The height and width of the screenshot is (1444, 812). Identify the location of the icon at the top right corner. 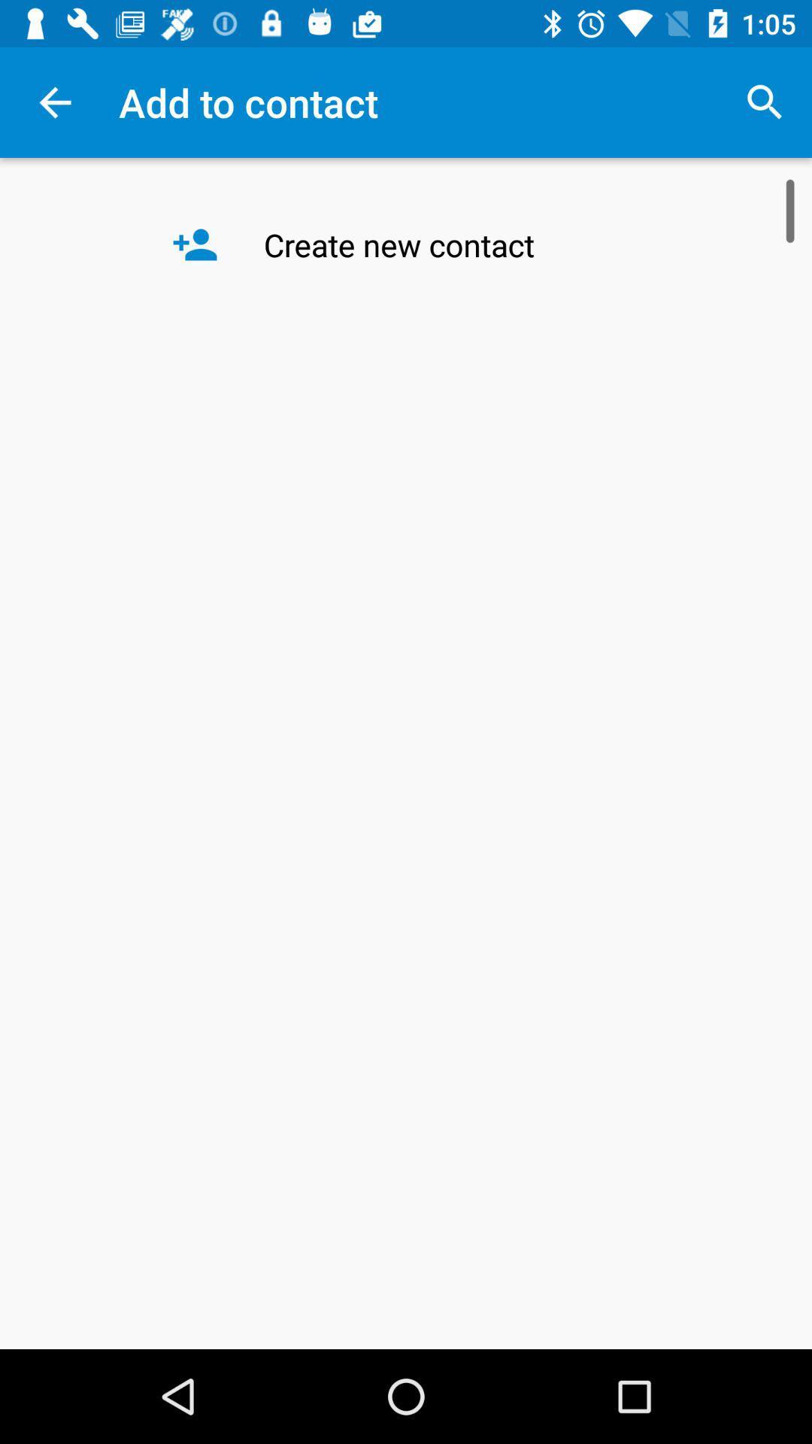
(765, 102).